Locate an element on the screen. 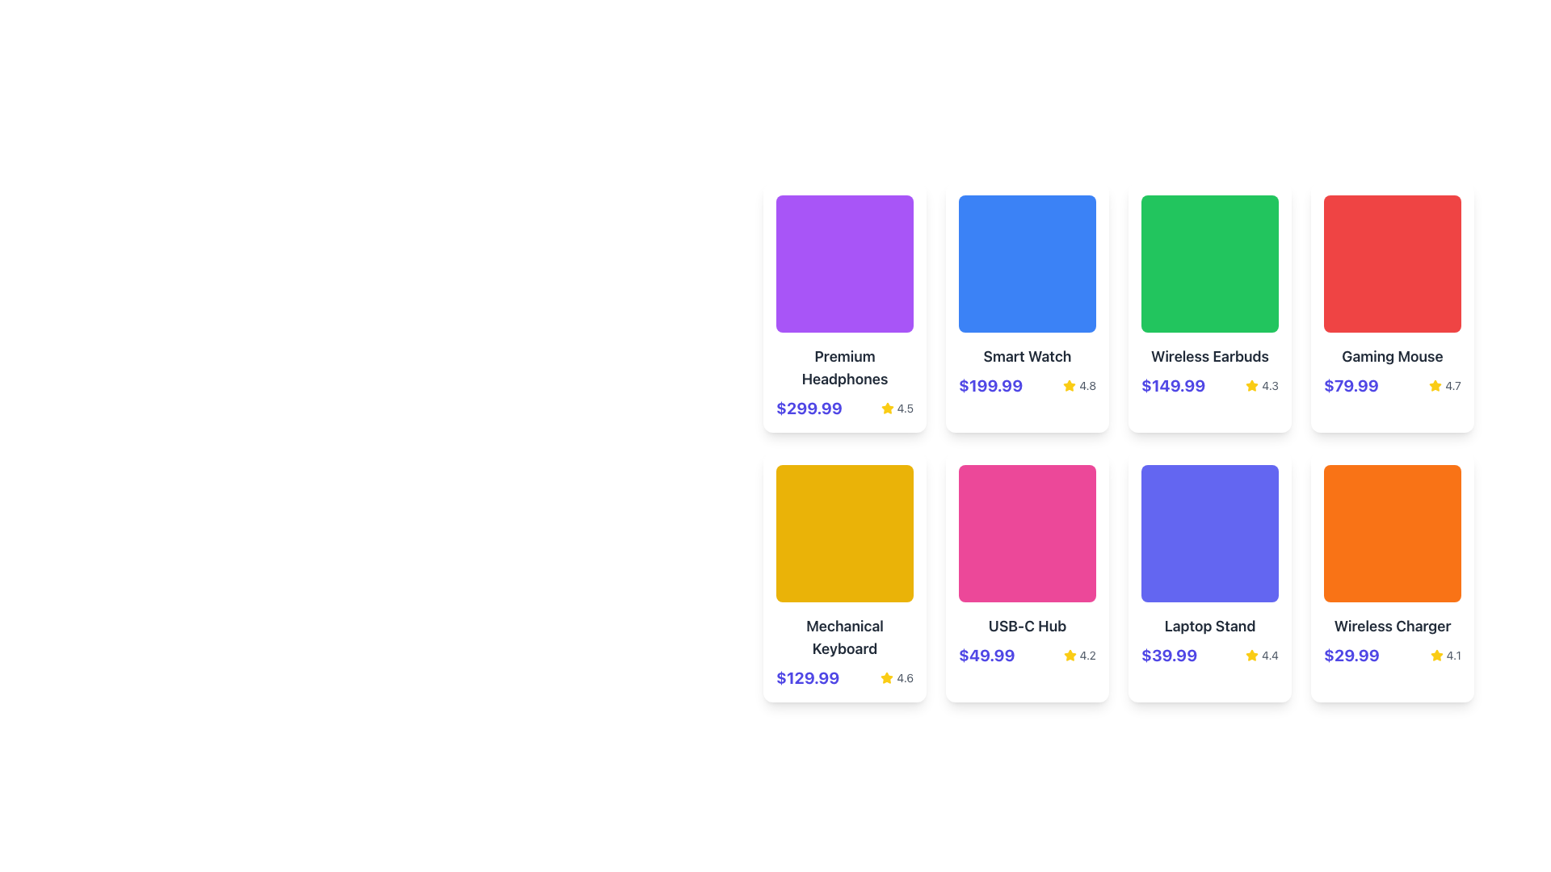 This screenshot has height=872, width=1551. the price tag and rating presentation element within the card layout for 'Wireless Earbuds', which is styled with a white background and rounded corners is located at coordinates (1209, 386).